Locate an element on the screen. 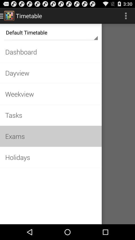 This screenshot has width=135, height=240. three dot symbol is located at coordinates (125, 16).